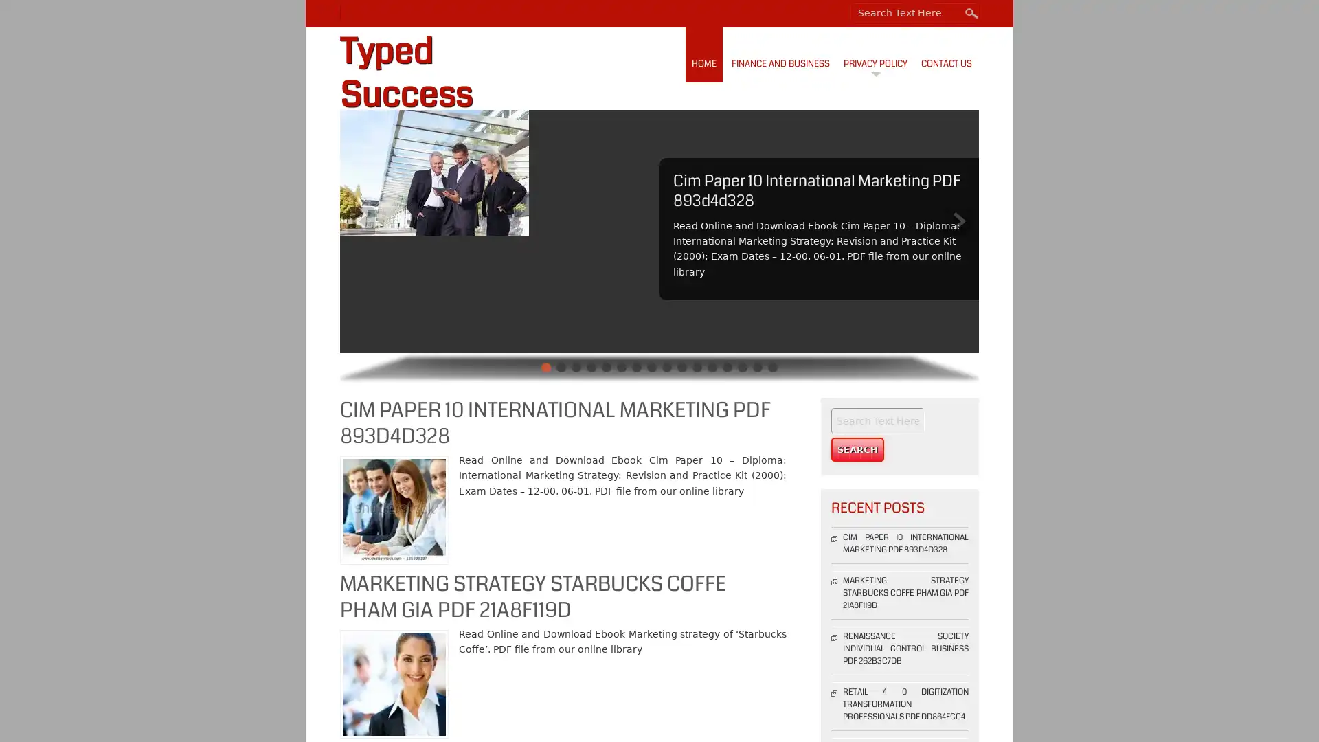 The image size is (1319, 742). What do you see at coordinates (857, 449) in the screenshot?
I see `Search` at bounding box center [857, 449].